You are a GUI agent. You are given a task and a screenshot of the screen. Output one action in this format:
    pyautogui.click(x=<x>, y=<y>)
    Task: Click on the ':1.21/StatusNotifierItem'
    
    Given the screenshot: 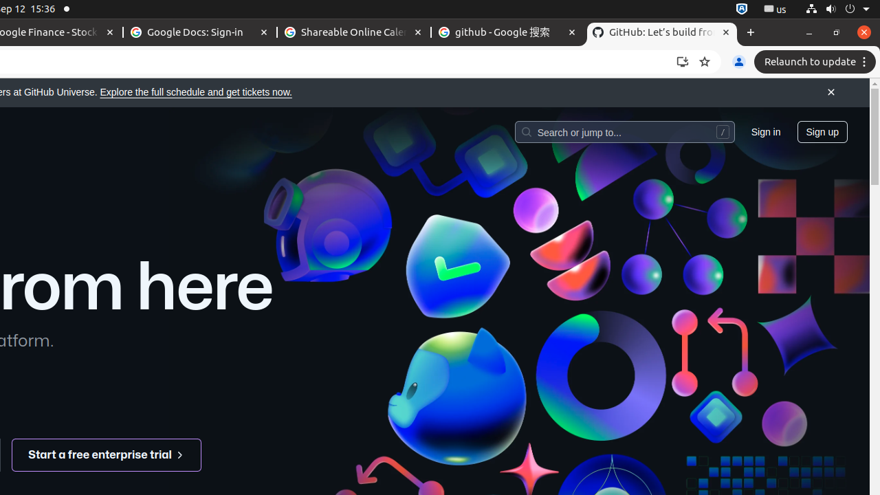 What is the action you would take?
    pyautogui.click(x=775, y=9)
    